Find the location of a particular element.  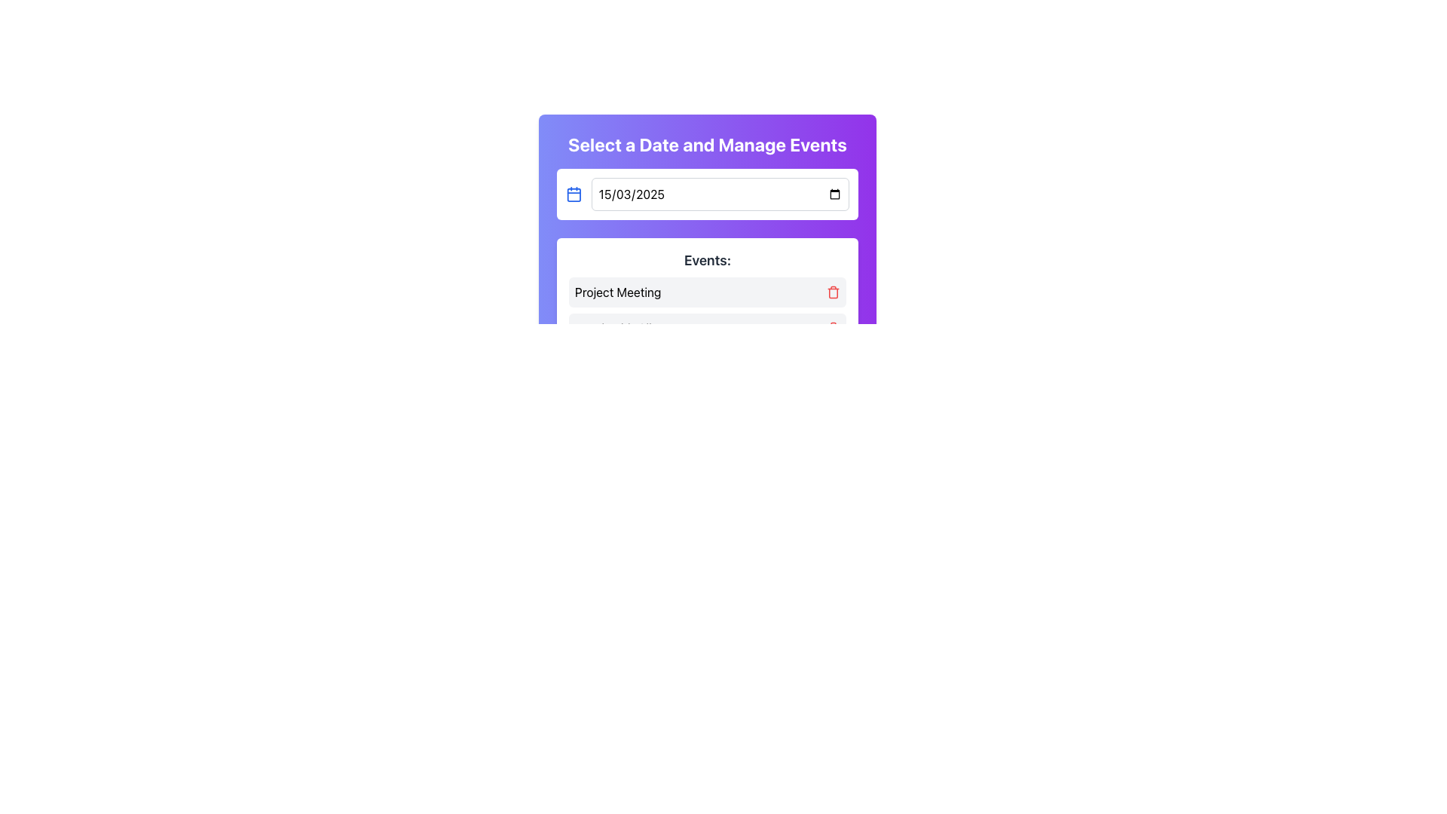

a date from the Date Picker Component located below the header 'Select a Date and Manage Events' is located at coordinates (707, 194).